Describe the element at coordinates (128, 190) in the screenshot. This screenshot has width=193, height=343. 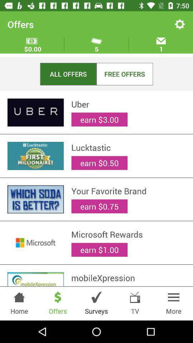
I see `item above the earn $0.75 item` at that location.